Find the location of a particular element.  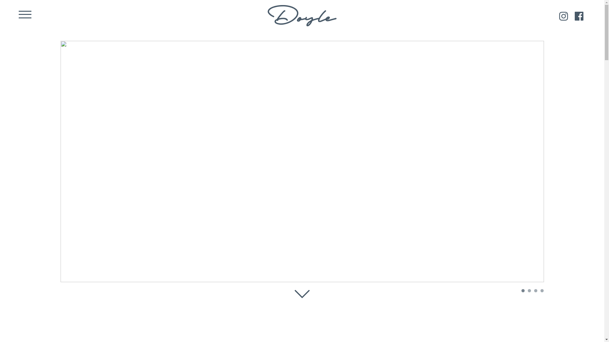

'1' is located at coordinates (521, 291).